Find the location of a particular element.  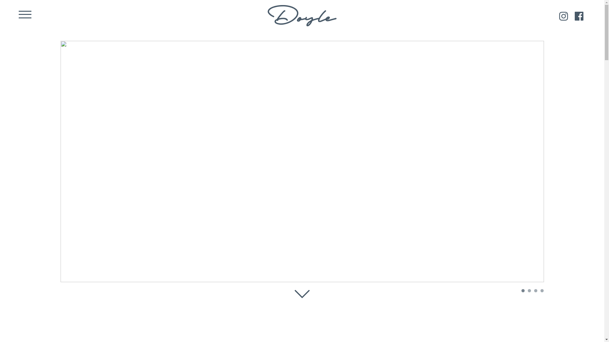

'1' is located at coordinates (521, 291).